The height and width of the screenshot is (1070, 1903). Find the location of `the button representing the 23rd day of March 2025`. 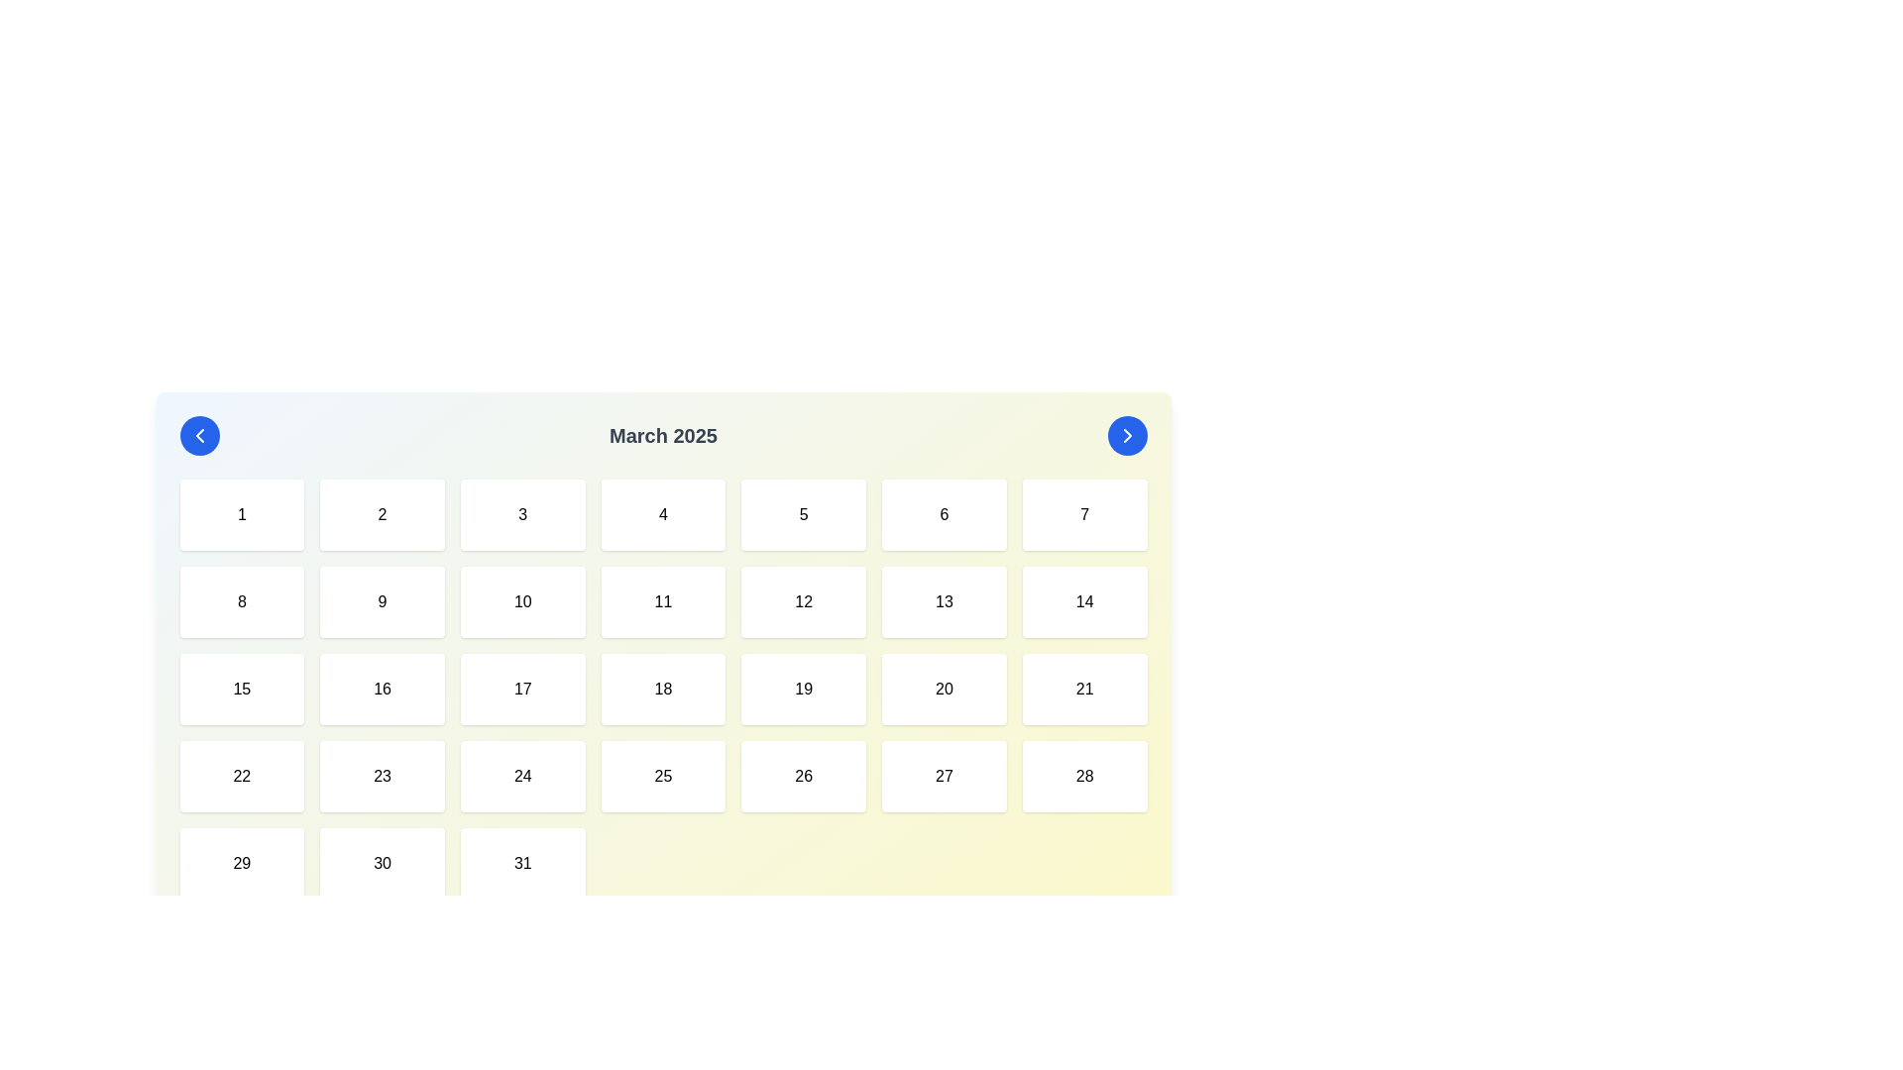

the button representing the 23rd day of March 2025 is located at coordinates (383, 775).